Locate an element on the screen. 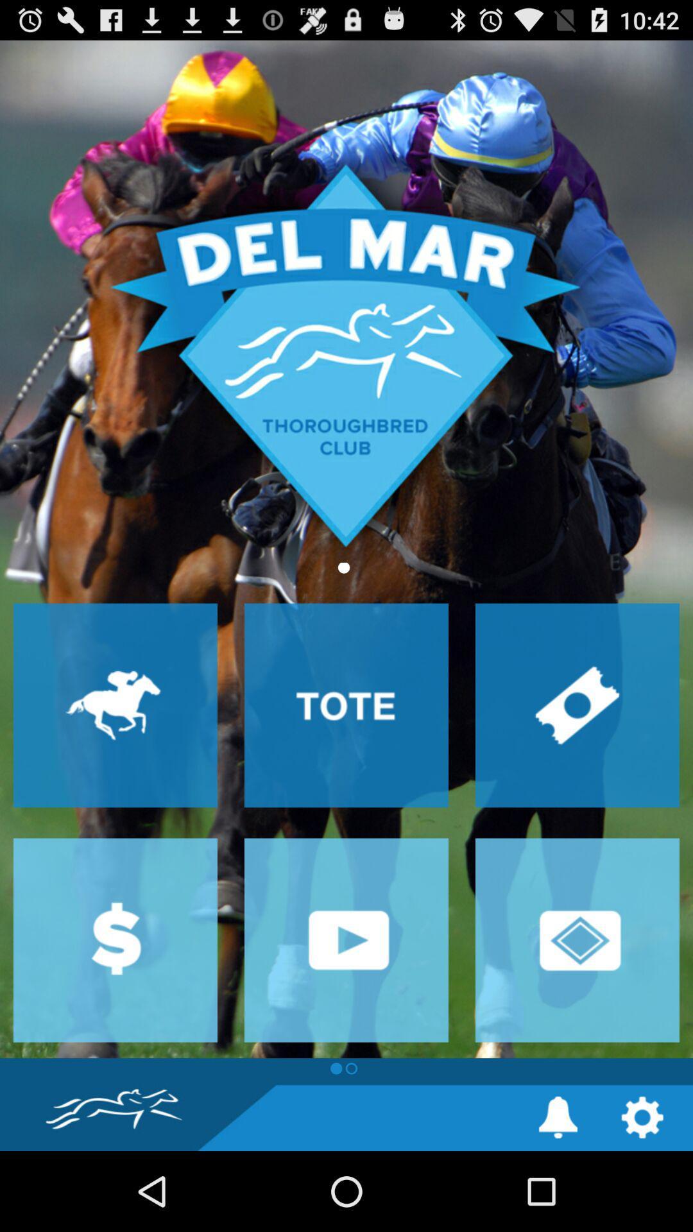  login in app is located at coordinates (576, 940).